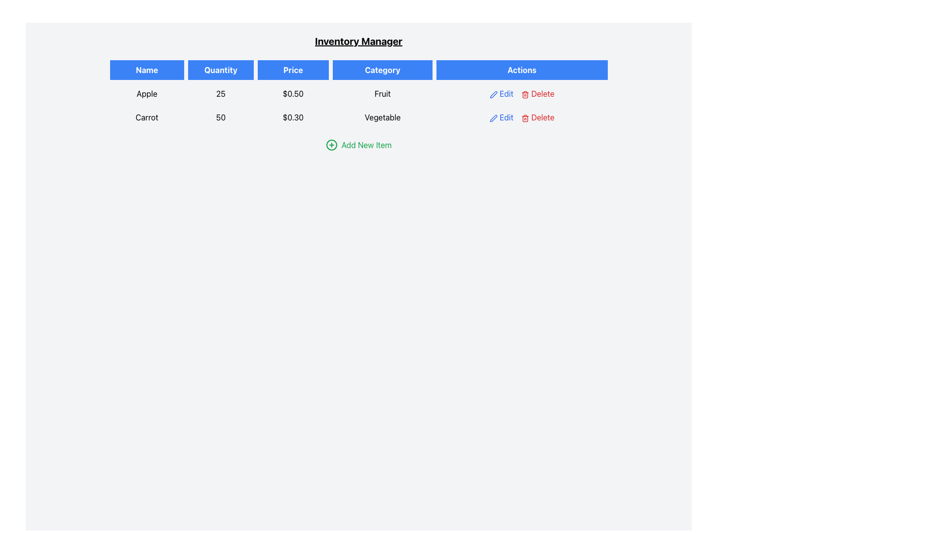 The height and width of the screenshot is (533, 948). Describe the element at coordinates (524, 117) in the screenshot. I see `the red trash bin icon in the 'Actions' column of the second row` at that location.